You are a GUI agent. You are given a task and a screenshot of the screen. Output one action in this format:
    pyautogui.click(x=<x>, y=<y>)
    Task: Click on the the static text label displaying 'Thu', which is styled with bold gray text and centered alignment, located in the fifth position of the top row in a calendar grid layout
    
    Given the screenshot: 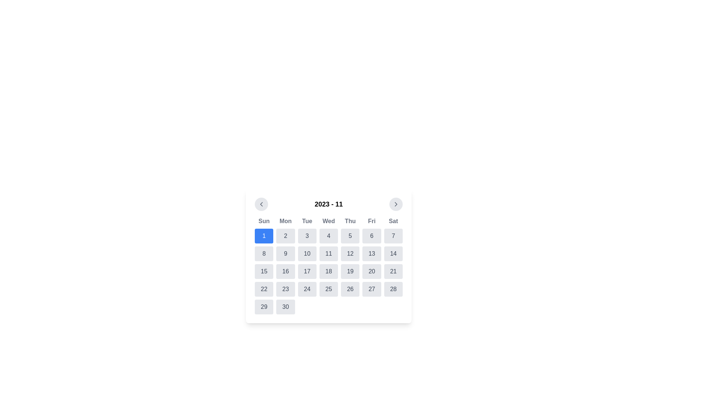 What is the action you would take?
    pyautogui.click(x=350, y=221)
    